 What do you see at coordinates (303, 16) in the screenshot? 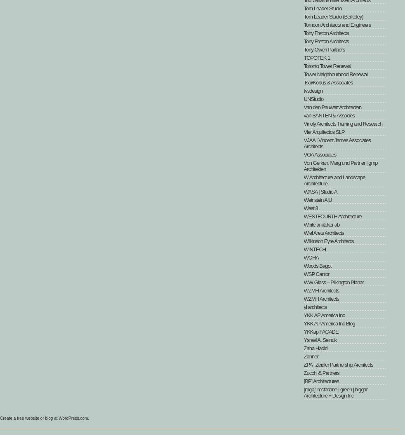
I see `'Tom Leader Studio (Berkeley)'` at bounding box center [303, 16].